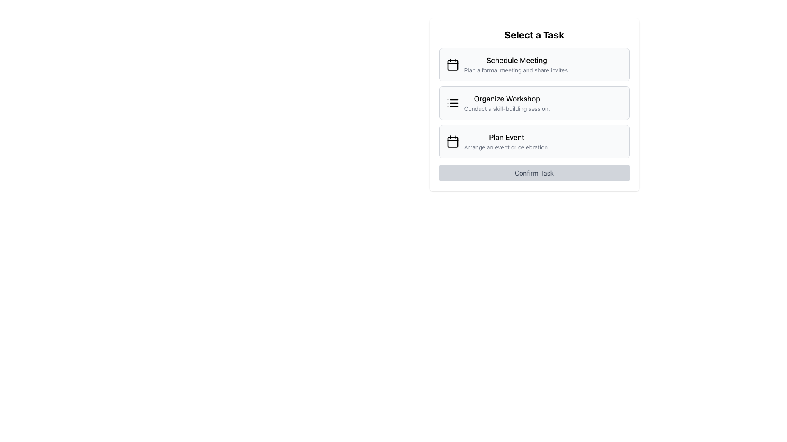 This screenshot has height=442, width=787. What do you see at coordinates (506, 137) in the screenshot?
I see `the text label 'Plan Event' which is styled in bold black font, located in the third task selection box under 'Select a Task'` at bounding box center [506, 137].